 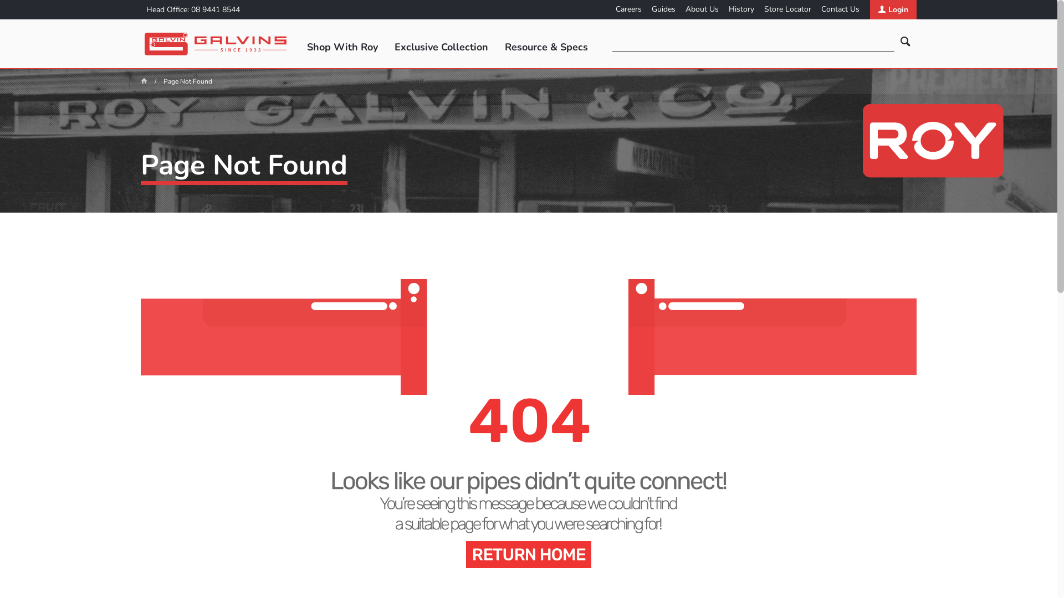 I want to click on 'Guides', so click(x=663, y=9).